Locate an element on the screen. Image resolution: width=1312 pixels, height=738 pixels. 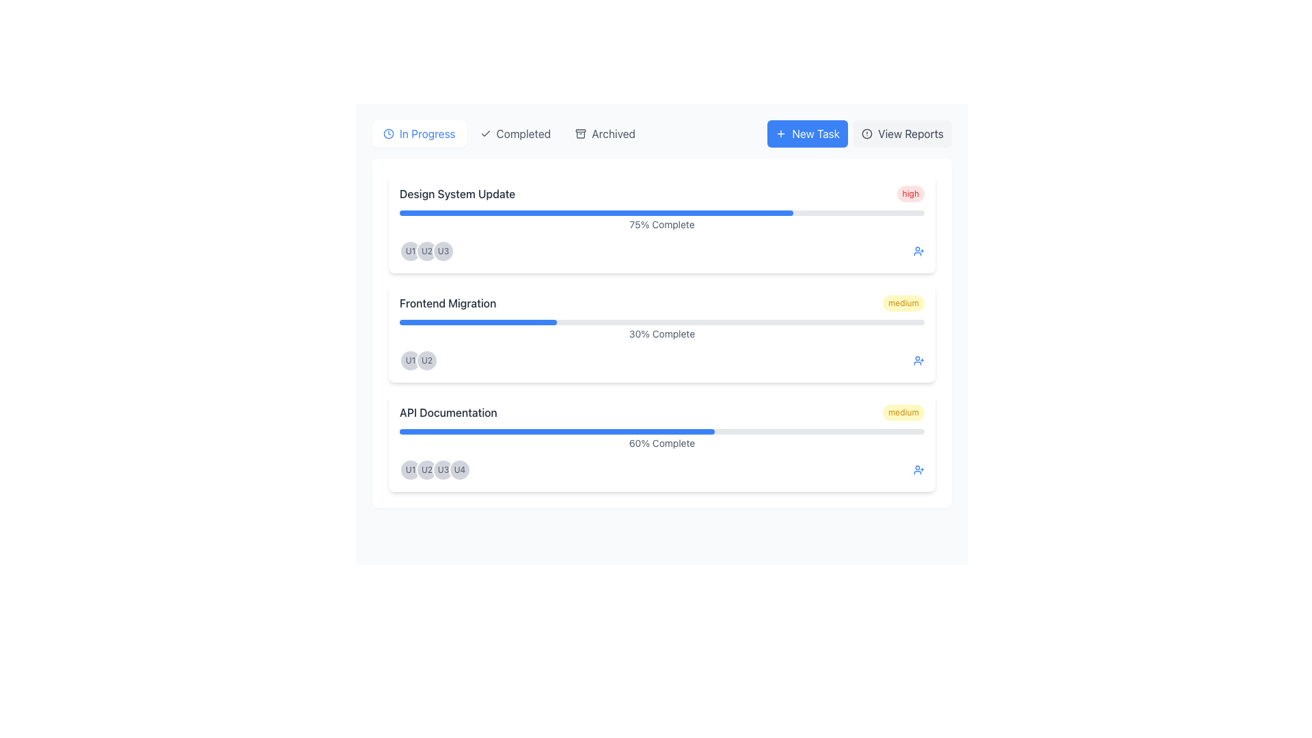
the 'View Reports' button, which is a rectangular button with rounded corners, styled in light gray with dark gray text, located in the top right corner of the interface is located at coordinates (903, 134).